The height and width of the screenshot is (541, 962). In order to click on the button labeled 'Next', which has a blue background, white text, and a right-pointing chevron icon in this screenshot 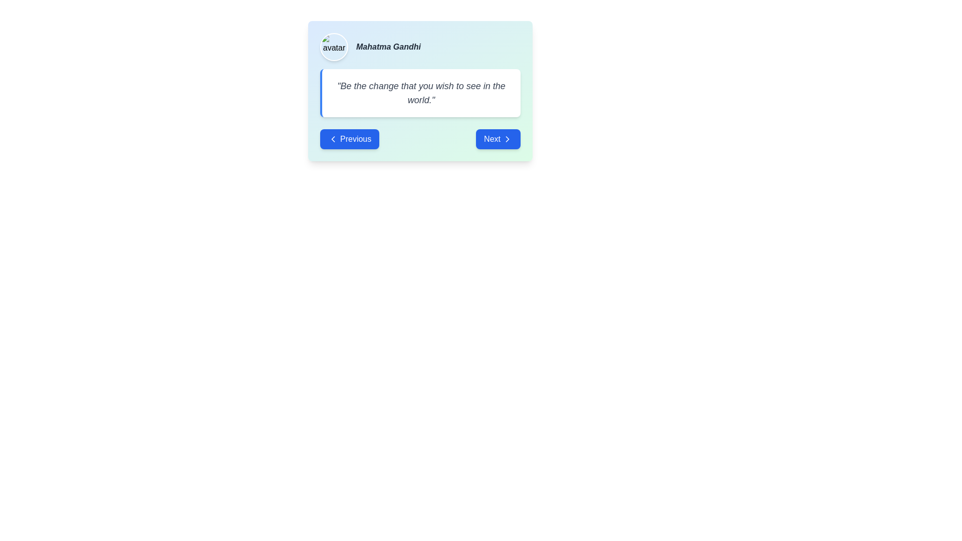, I will do `click(498, 139)`.